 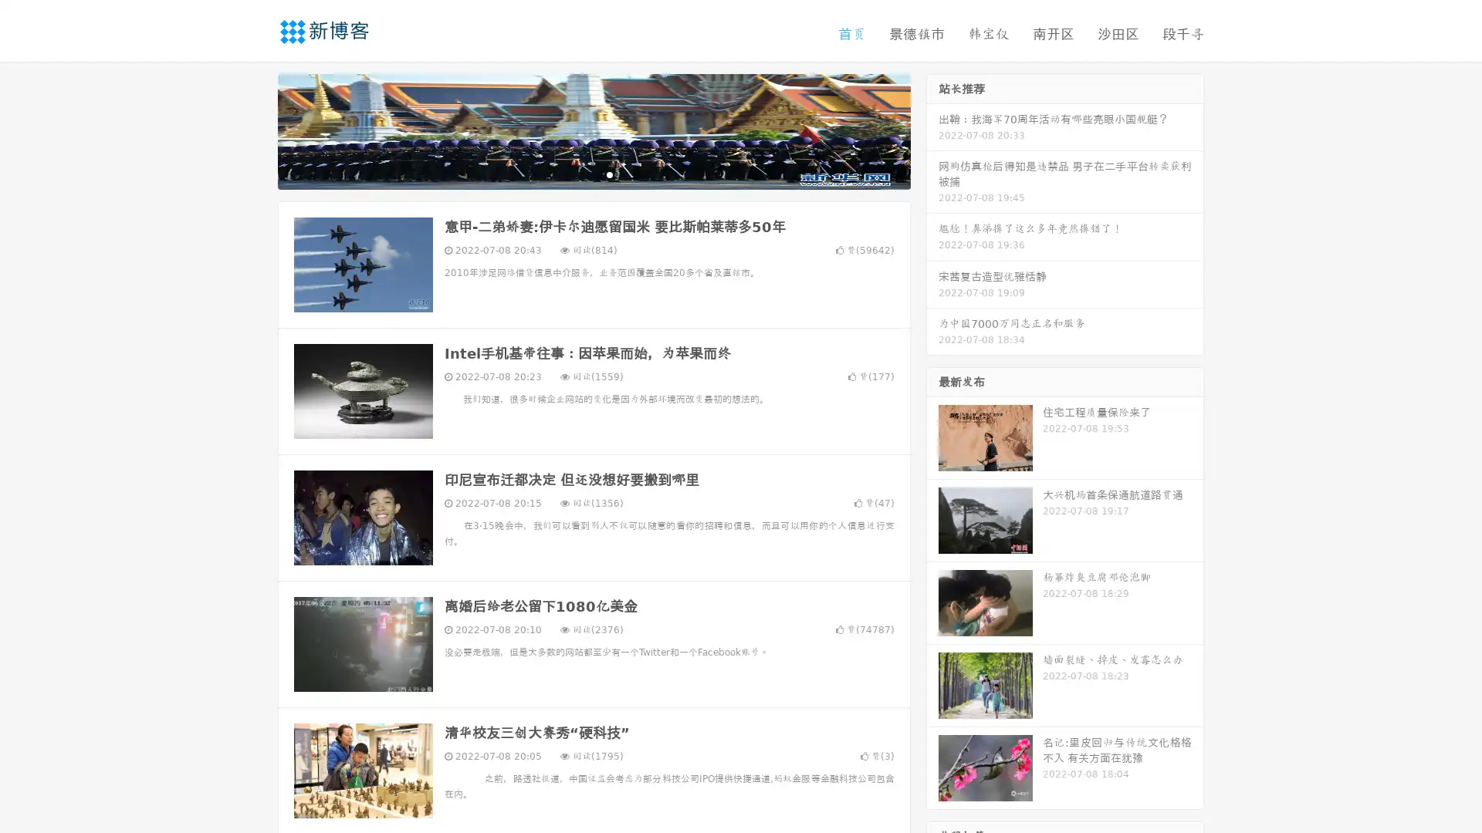 What do you see at coordinates (932, 130) in the screenshot?
I see `Next slide` at bounding box center [932, 130].